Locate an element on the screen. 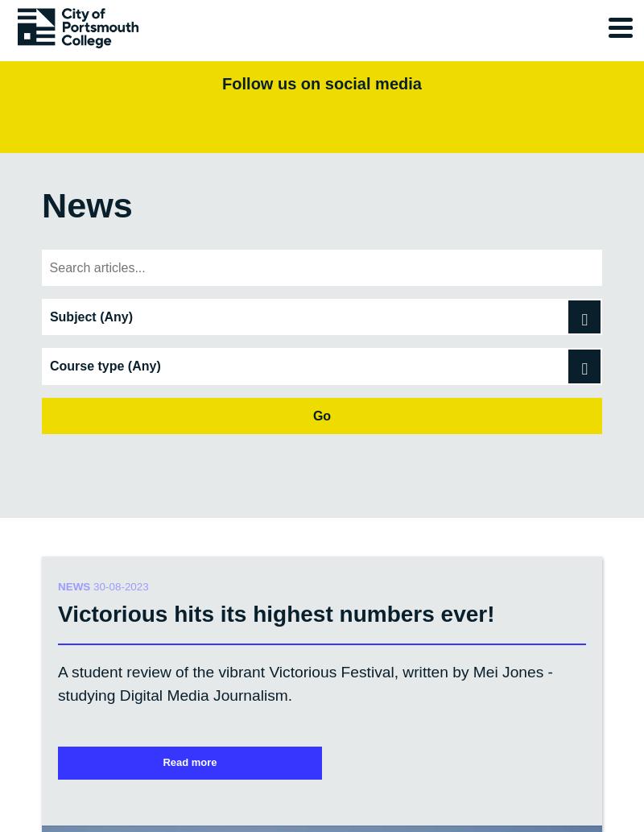 This screenshot has height=832, width=644. 'Campus locations' is located at coordinates (104, 764).